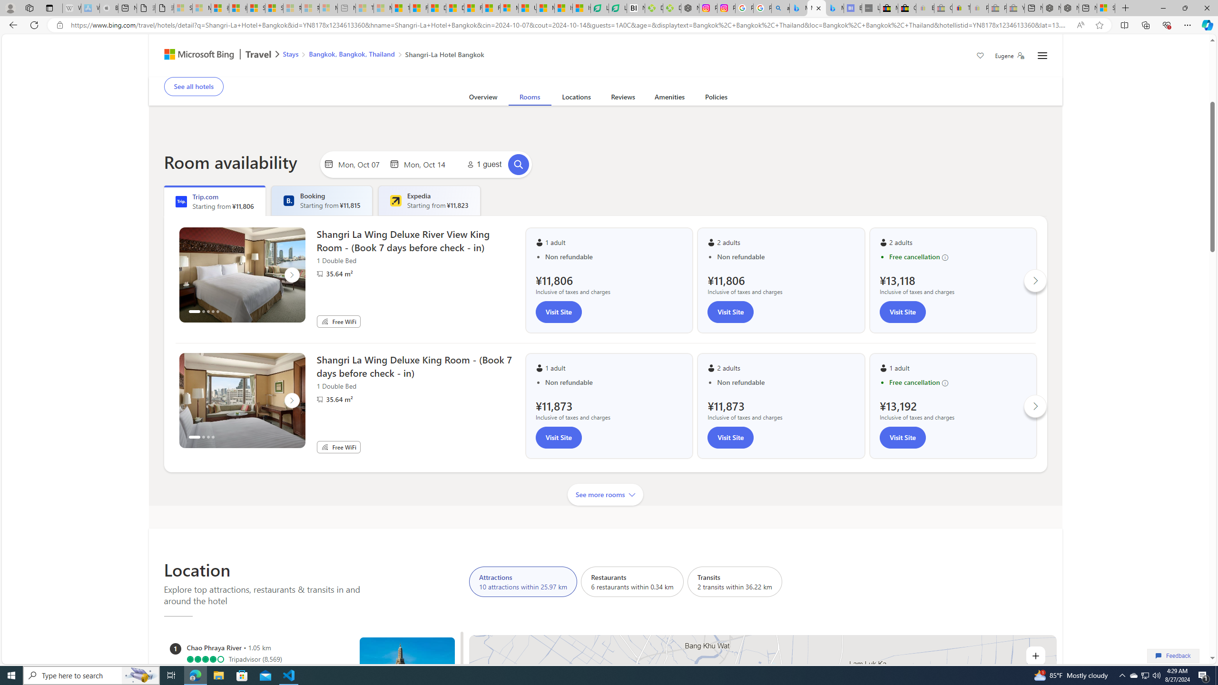 This screenshot has width=1218, height=685. What do you see at coordinates (979, 8) in the screenshot?
I see `'Payments Terms of Use | eBay.com - Sleeping'` at bounding box center [979, 8].